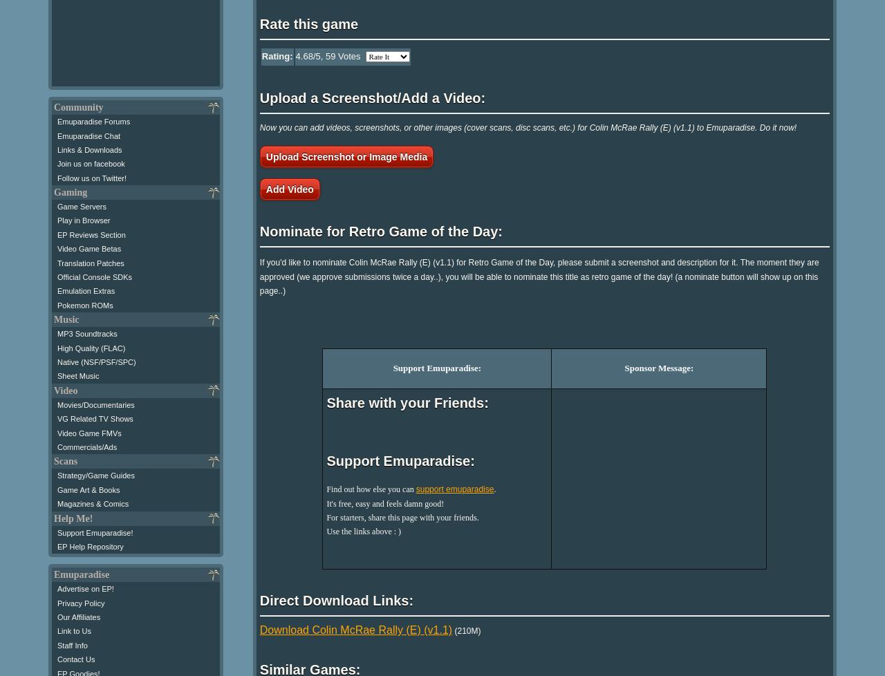 This screenshot has width=885, height=676. Describe the element at coordinates (77, 107) in the screenshot. I see `'Community'` at that location.